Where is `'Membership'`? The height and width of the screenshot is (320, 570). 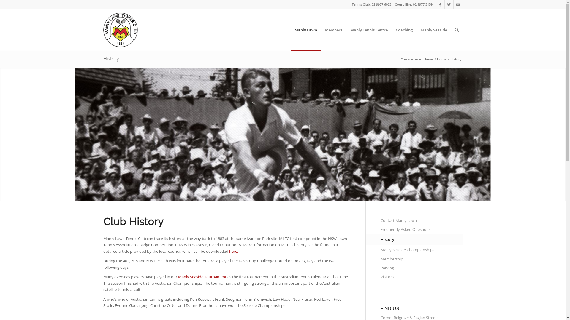 'Membership' is located at coordinates (421, 259).